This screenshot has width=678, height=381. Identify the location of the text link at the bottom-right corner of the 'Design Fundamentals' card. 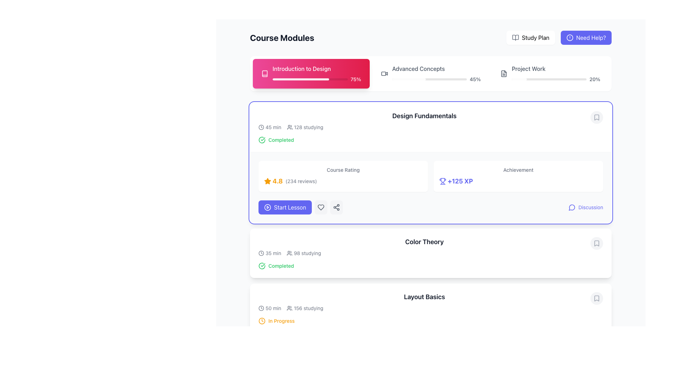
(591, 207).